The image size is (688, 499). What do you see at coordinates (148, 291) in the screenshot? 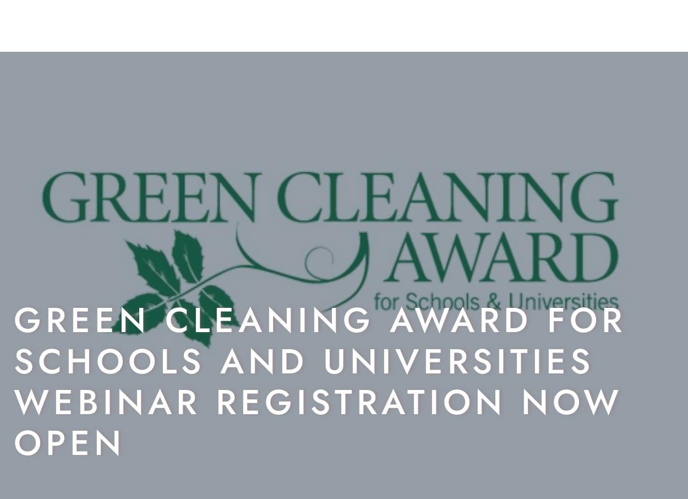
I see `'Steve Ashkin, Green Cleaning Network'` at bounding box center [148, 291].